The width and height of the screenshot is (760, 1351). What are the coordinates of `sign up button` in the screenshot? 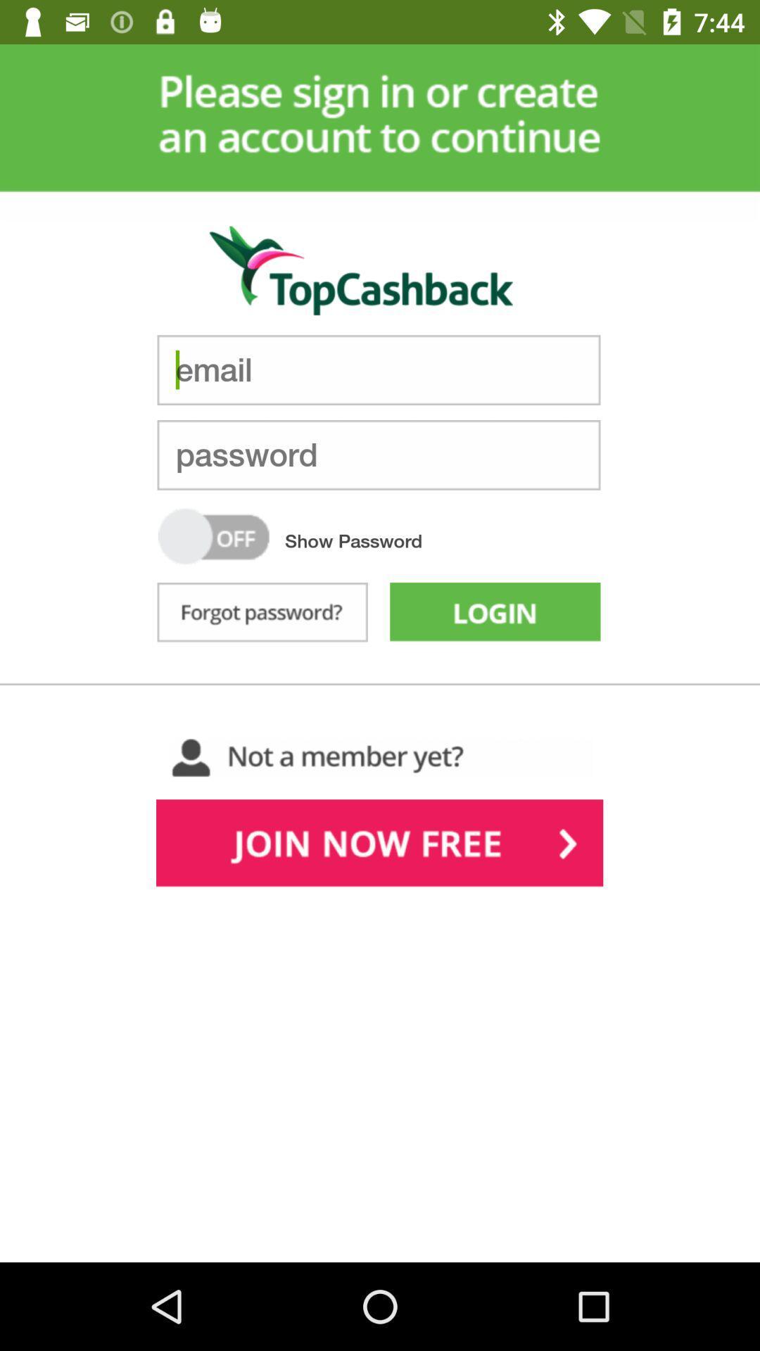 It's located at (379, 846).